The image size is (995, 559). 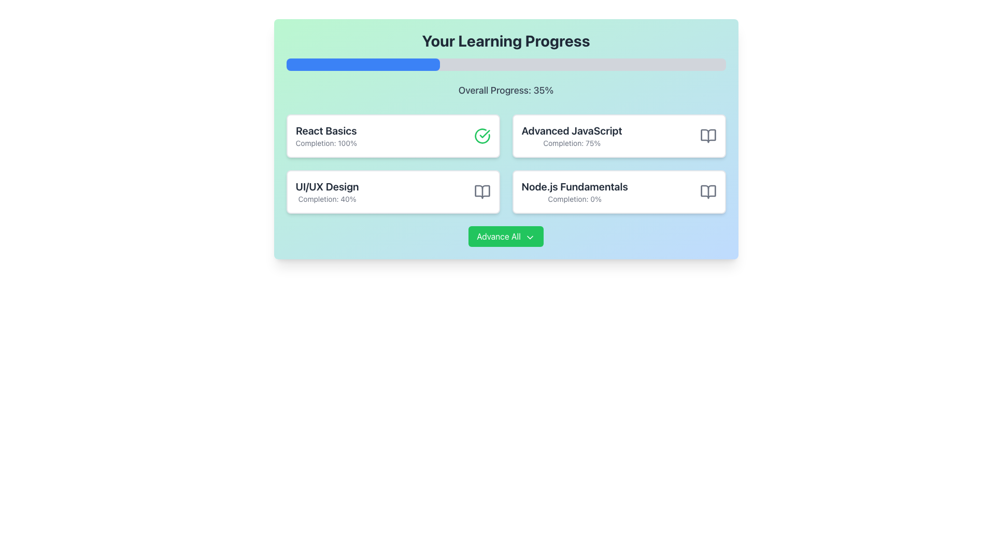 I want to click on progress, so click(x=435, y=64).